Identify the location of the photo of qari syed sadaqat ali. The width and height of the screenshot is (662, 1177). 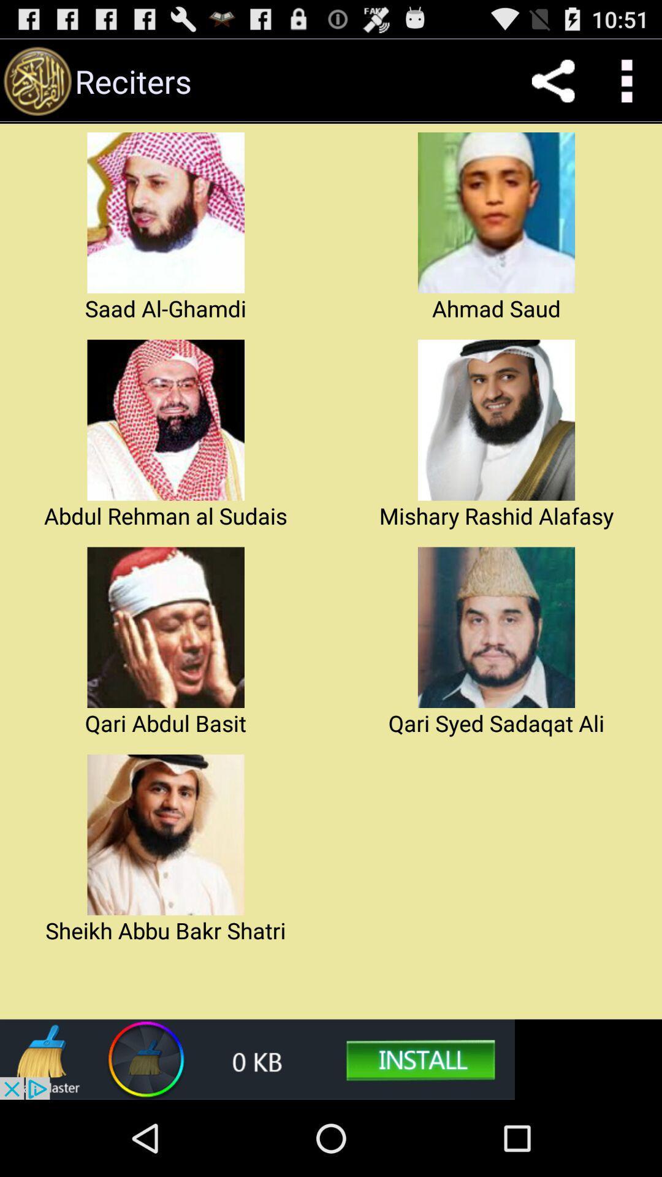
(496, 627).